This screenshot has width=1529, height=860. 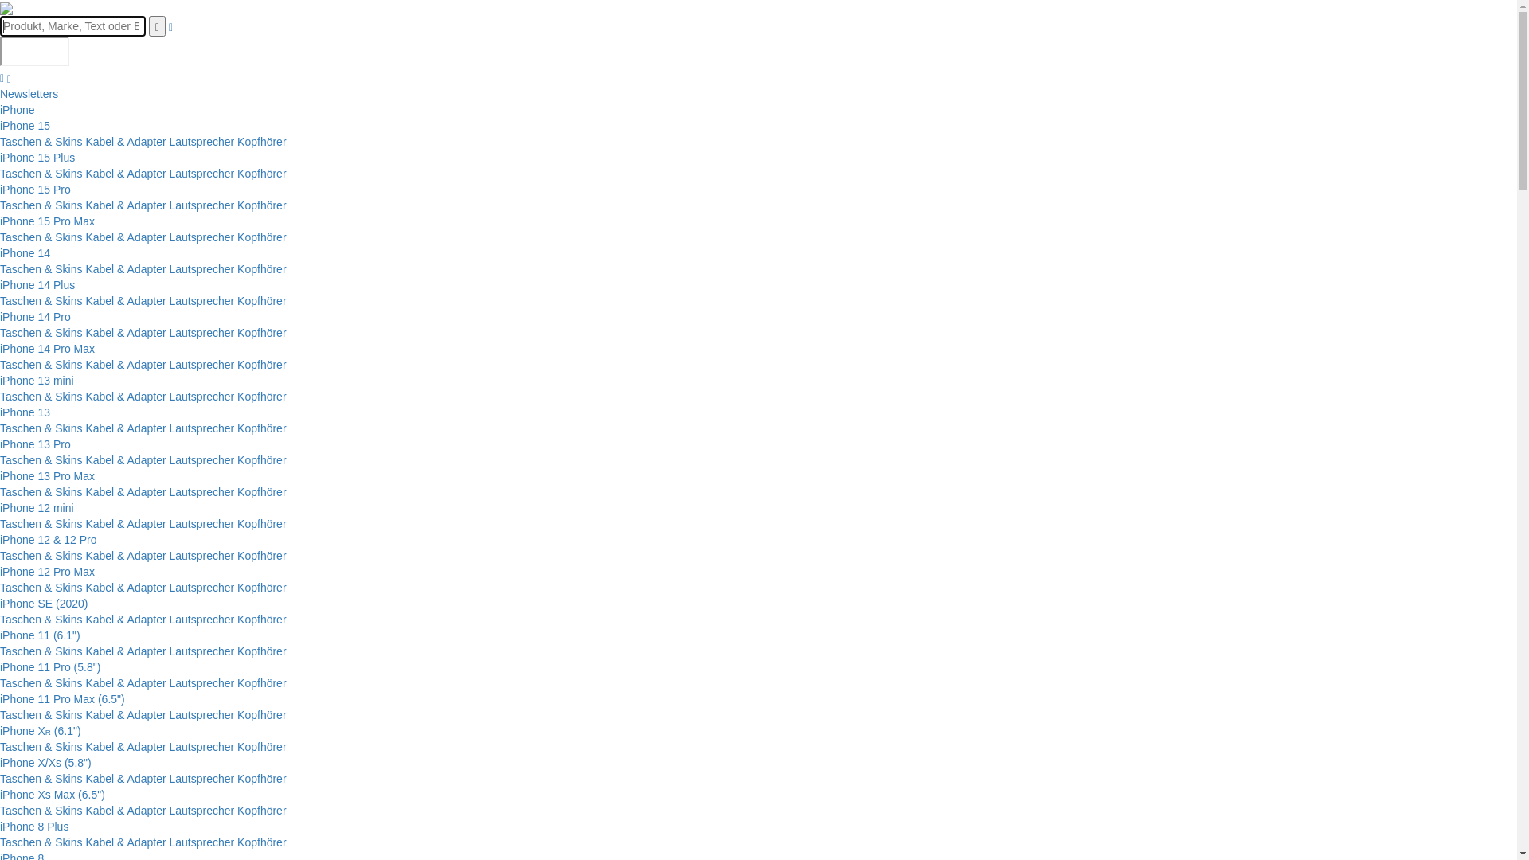 What do you see at coordinates (44, 604) in the screenshot?
I see `'iPhone SE (2020)'` at bounding box center [44, 604].